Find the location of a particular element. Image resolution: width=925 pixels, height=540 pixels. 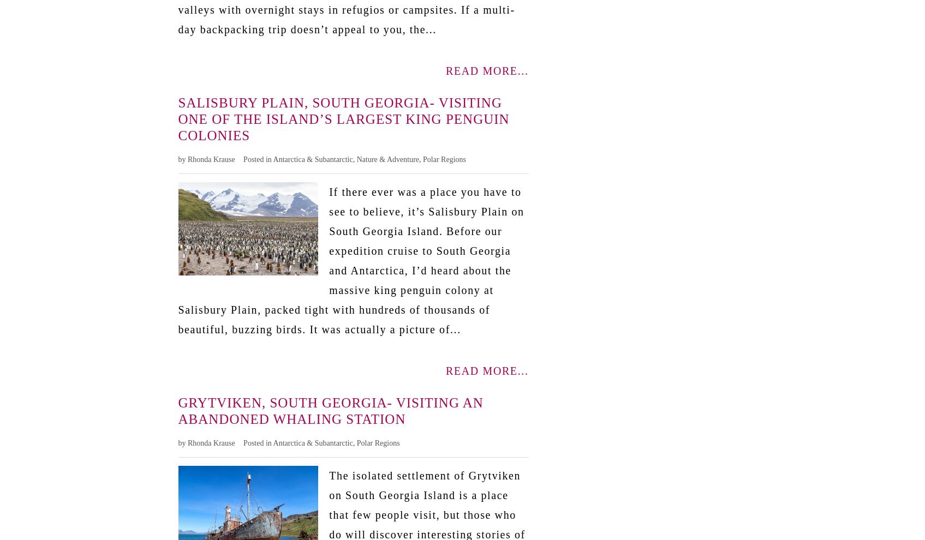

'If there ever was a place you have to see to believe, it’s Salisbury Plain on South Georgia Island. Before our expedition cruise to South Georgia and Antarctica, I’d heard about the massive king penguin colony at Salisbury Plain, packed tight with hundreds of thousands of beautiful, buzzing birds. It was actually a picture of...' is located at coordinates (350, 260).